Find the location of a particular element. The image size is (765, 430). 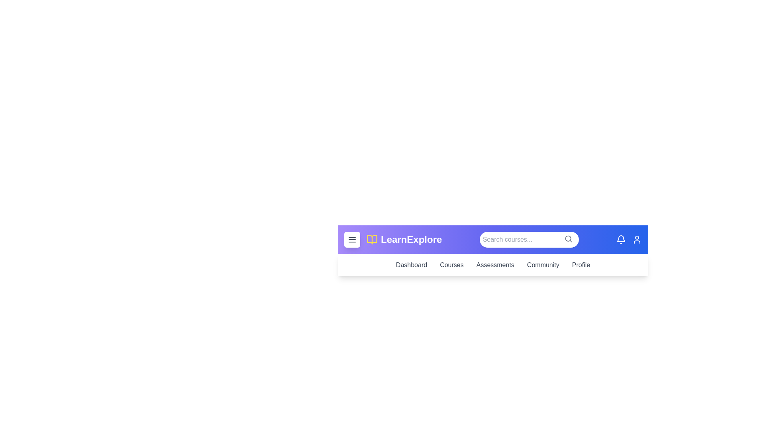

the Profile link in the navigation bar to navigate to the corresponding section is located at coordinates (581, 265).